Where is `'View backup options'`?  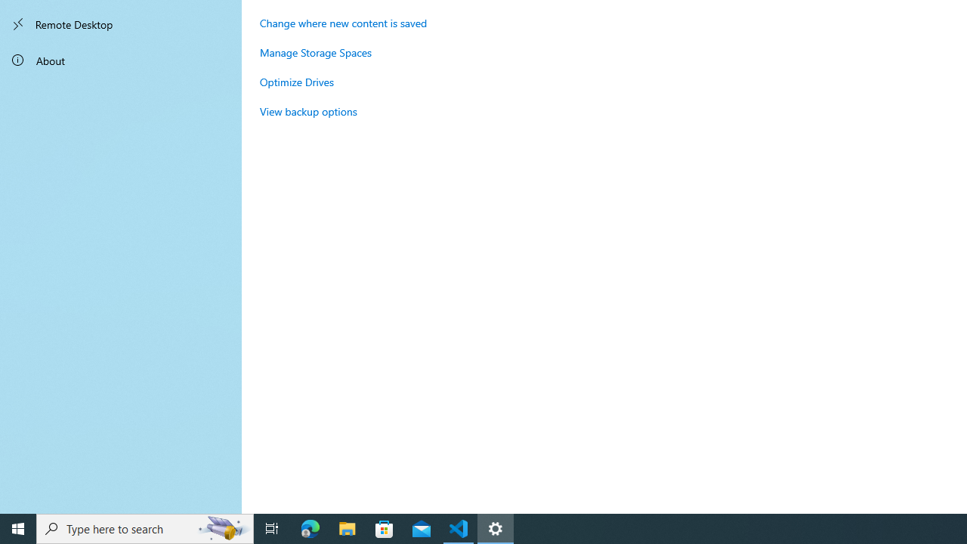
'View backup options' is located at coordinates (307, 110).